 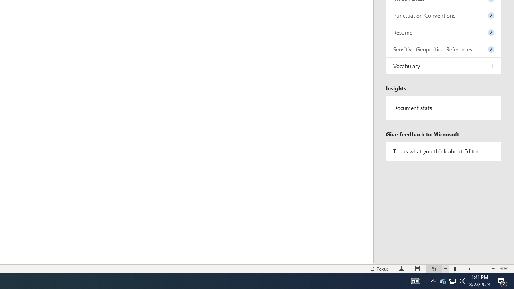 What do you see at coordinates (443, 32) in the screenshot?
I see `'Resume, 0 issues. Press space or enter to review items.'` at bounding box center [443, 32].